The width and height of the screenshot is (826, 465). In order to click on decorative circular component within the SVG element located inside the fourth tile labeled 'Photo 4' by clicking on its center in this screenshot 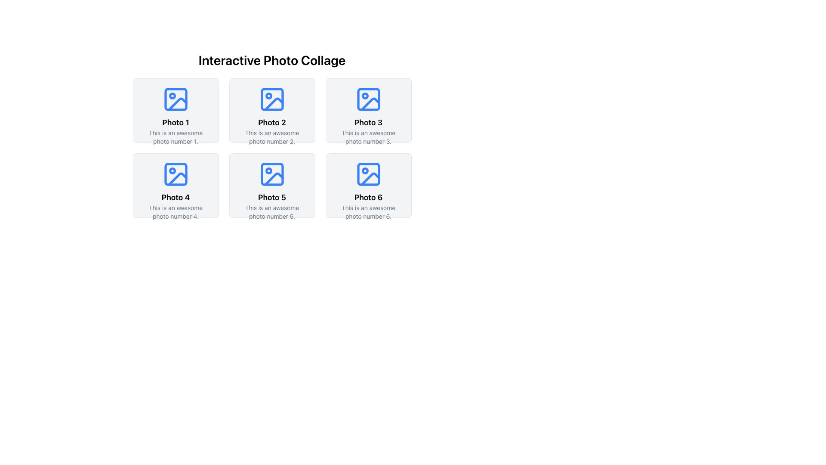, I will do `click(172, 171)`.